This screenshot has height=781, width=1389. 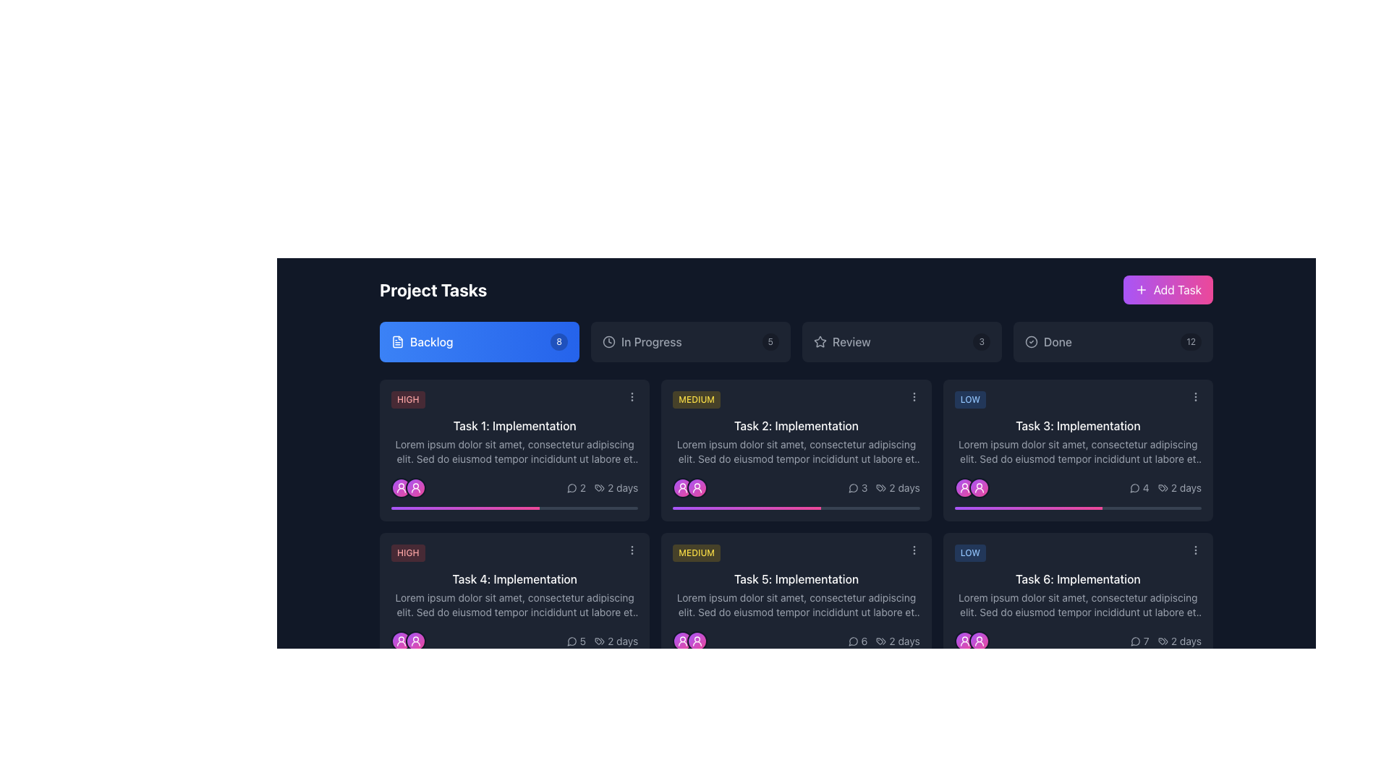 I want to click on the relationship between the icon and text label that indicates the number of comments or messages within the task card, located in the bottom-right corner, to the left of the '2 days' label, so click(x=575, y=641).